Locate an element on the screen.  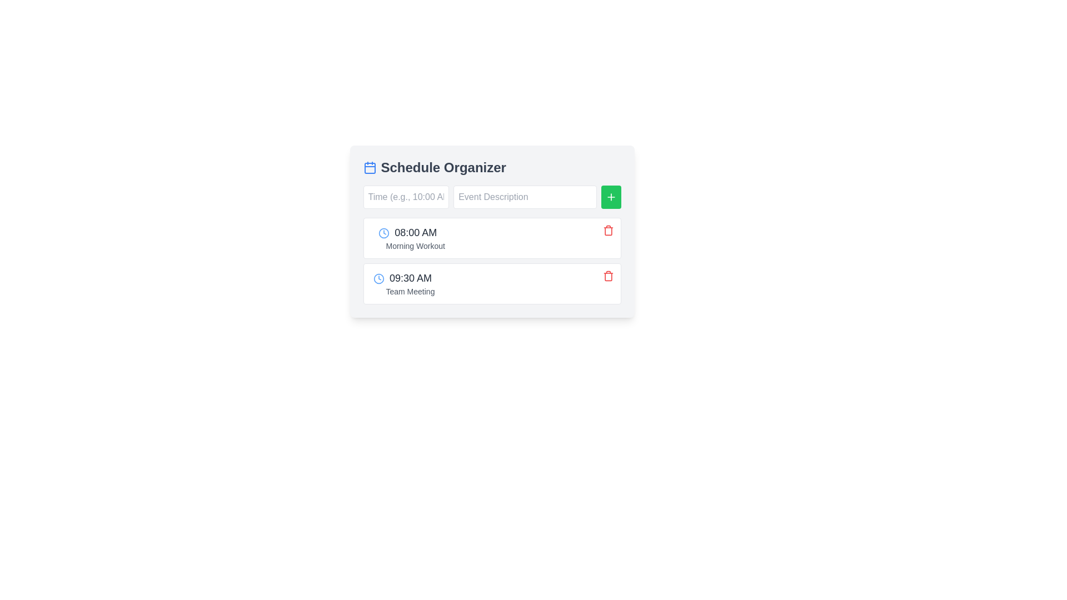
text content of the descriptive label located below the time label '08:00 AM' in the first event entry of the schedule organizer is located at coordinates (415, 246).